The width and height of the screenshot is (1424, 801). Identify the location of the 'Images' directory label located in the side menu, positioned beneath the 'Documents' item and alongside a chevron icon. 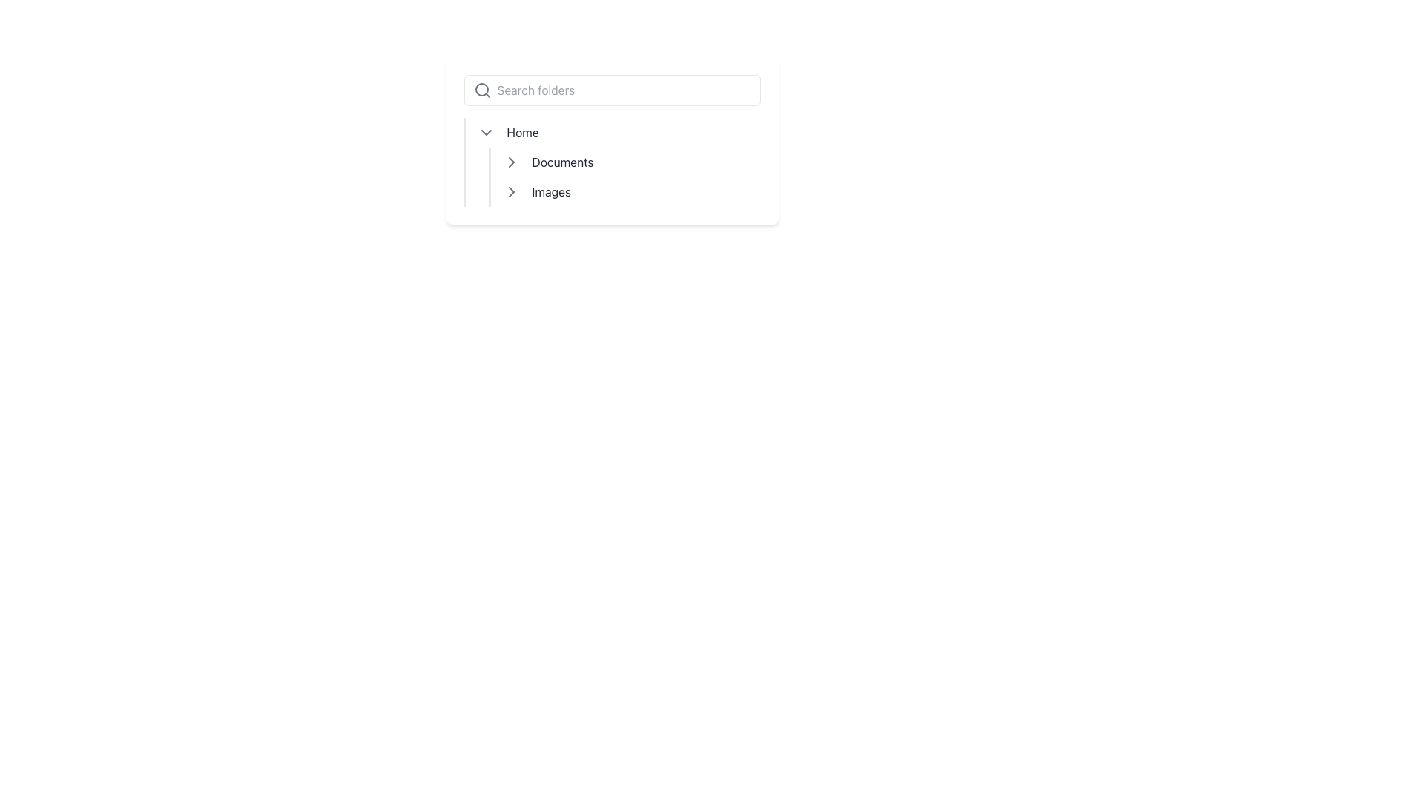
(550, 191).